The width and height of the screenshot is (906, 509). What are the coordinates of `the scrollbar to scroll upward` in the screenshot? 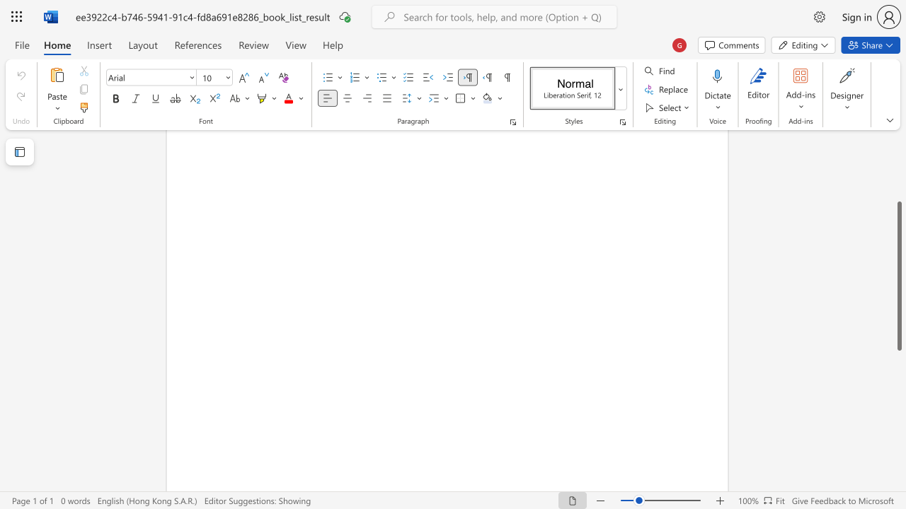 It's located at (898, 191).